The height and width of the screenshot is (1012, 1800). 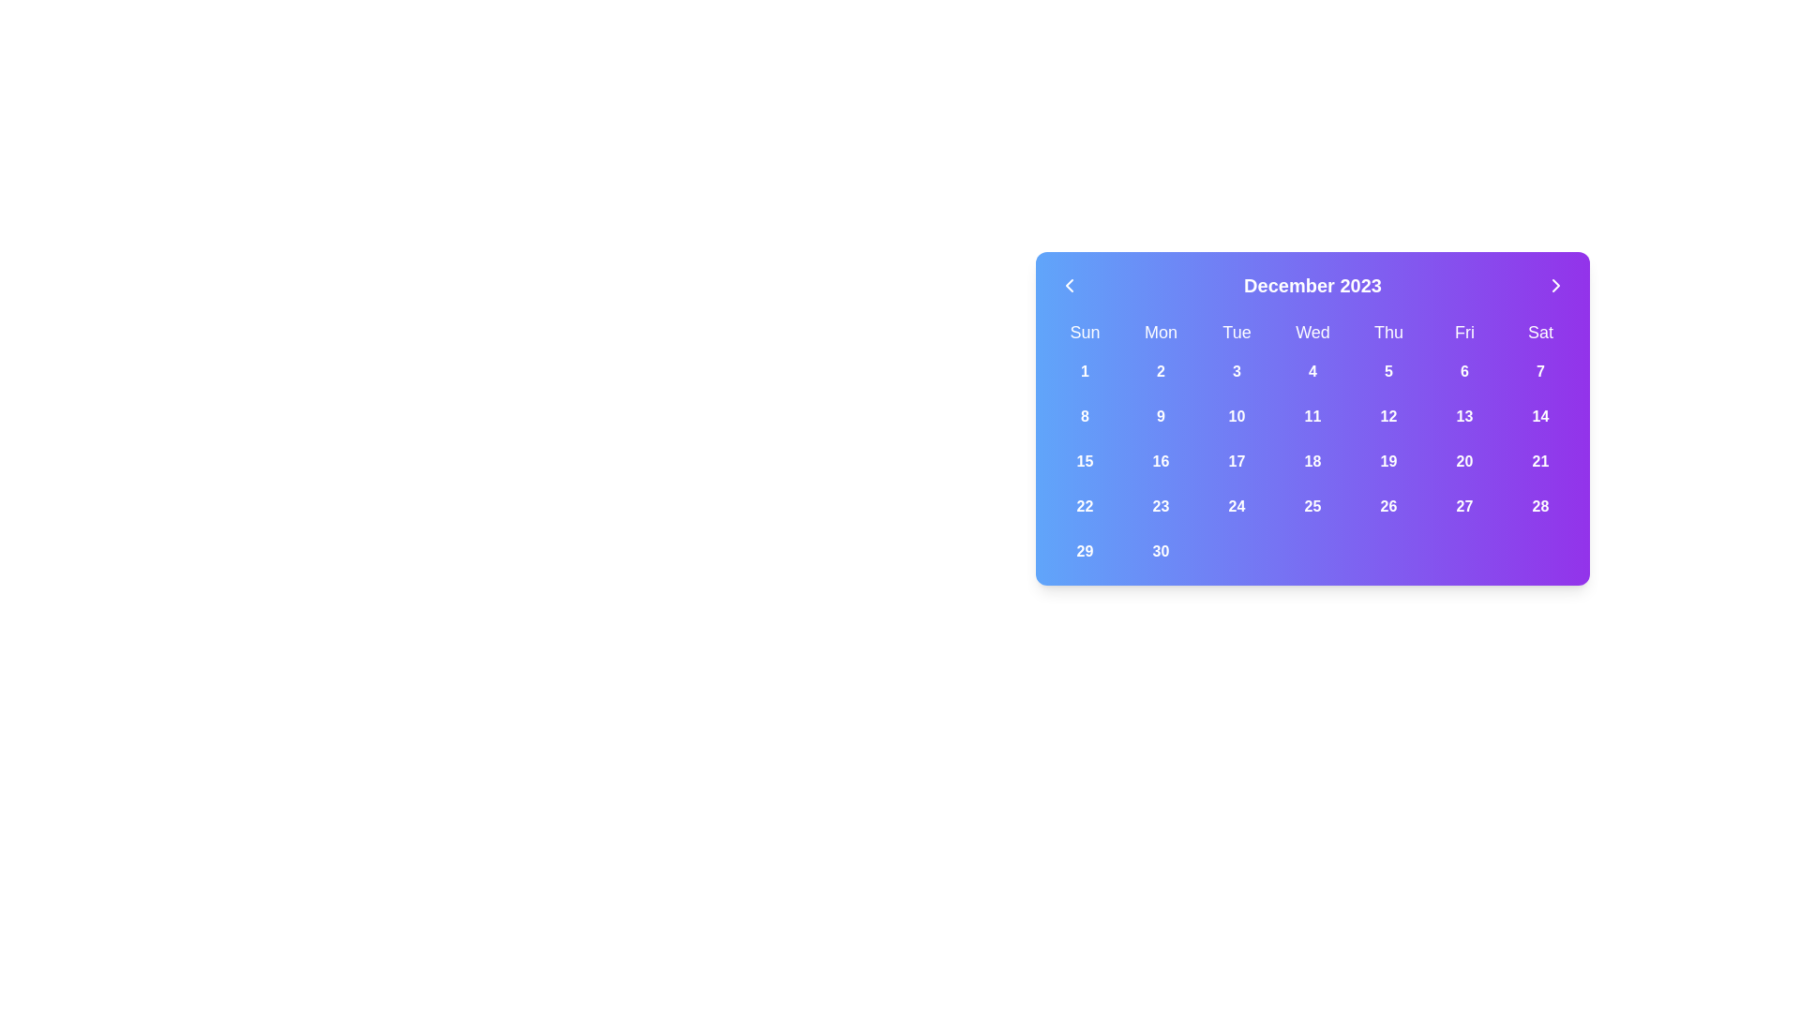 I want to click on the button in the top-right corner of the calendar interface, so click(x=1556, y=285).